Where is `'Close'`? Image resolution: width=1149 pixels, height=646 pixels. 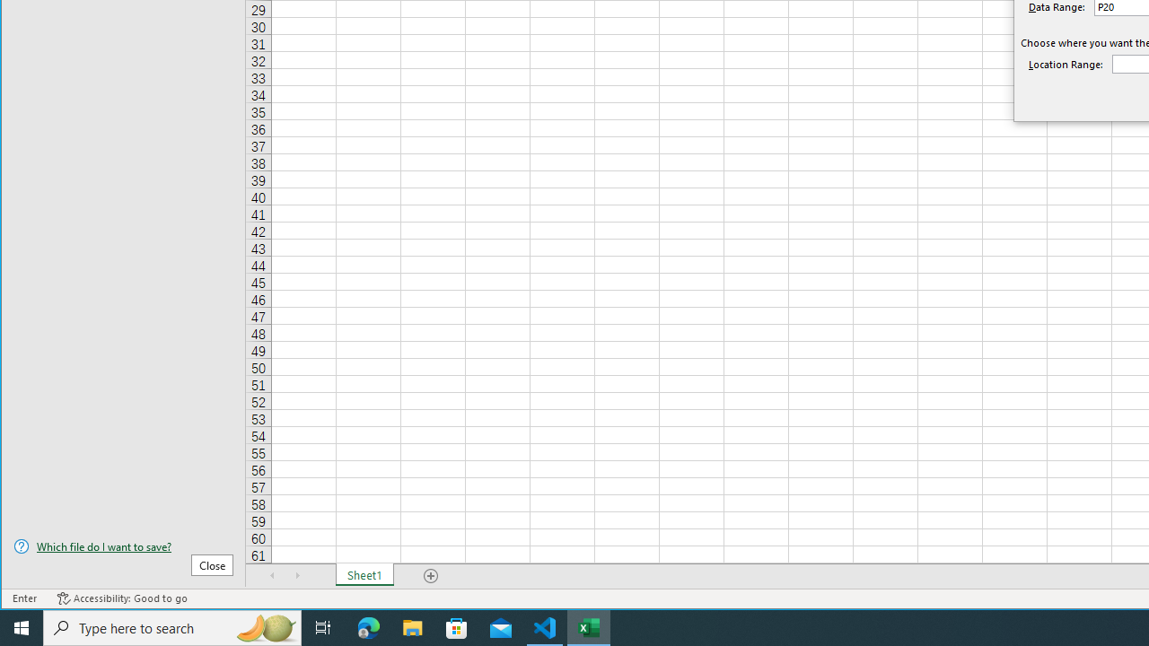
'Close' is located at coordinates (212, 565).